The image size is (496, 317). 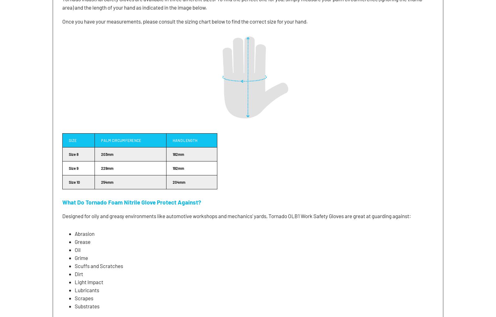 What do you see at coordinates (107, 167) in the screenshot?
I see `'229mm'` at bounding box center [107, 167].